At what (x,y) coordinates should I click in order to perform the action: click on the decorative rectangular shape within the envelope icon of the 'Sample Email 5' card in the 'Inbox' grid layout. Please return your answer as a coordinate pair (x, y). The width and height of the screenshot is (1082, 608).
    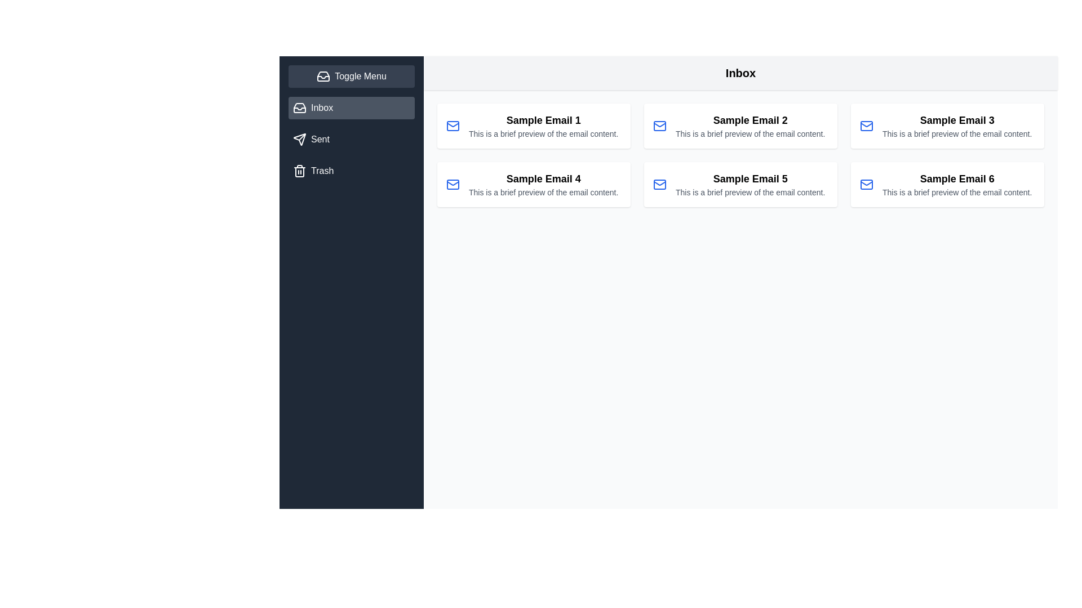
    Looking at the image, I should click on (660, 184).